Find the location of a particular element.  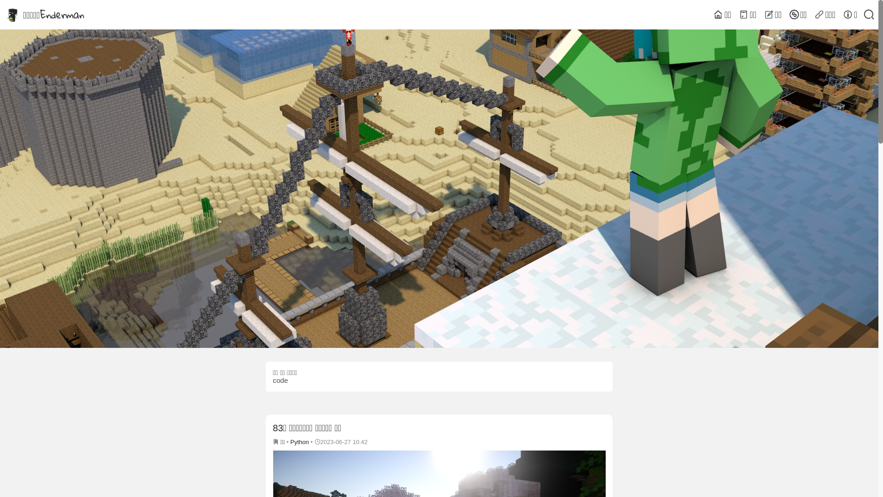

'Python' is located at coordinates (289, 441).